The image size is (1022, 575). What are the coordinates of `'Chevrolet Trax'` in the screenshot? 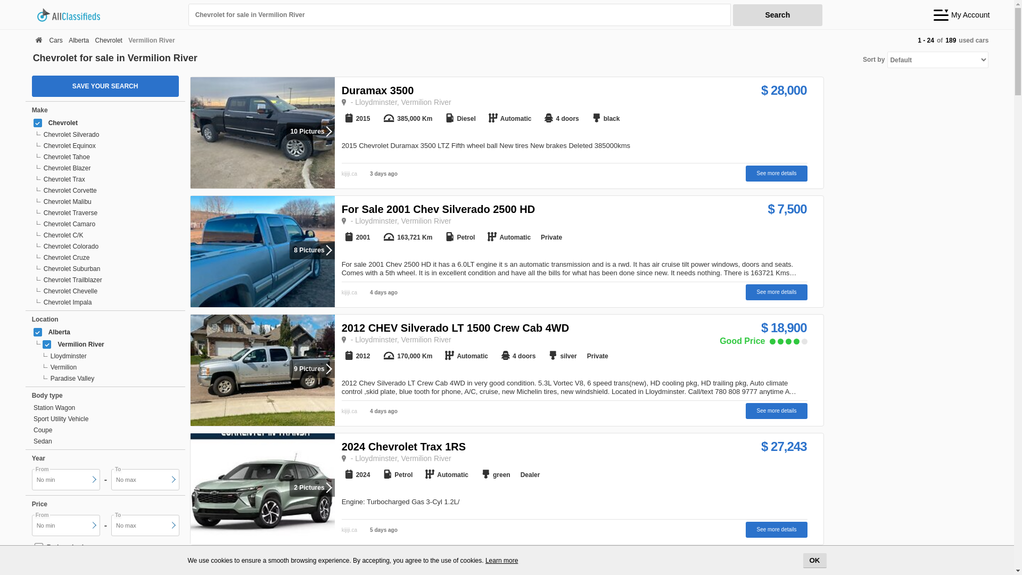 It's located at (108, 179).